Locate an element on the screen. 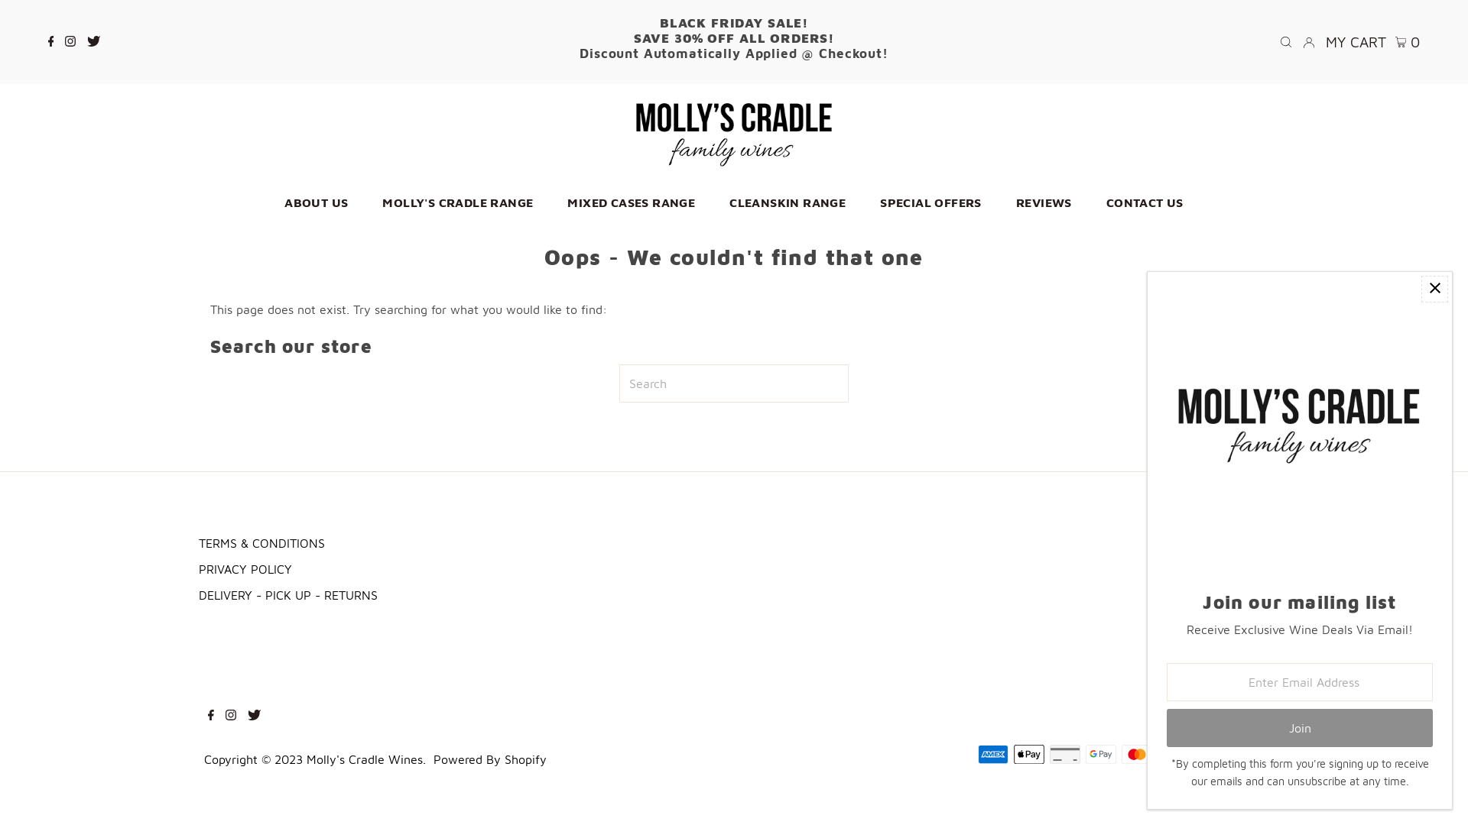 The height and width of the screenshot is (825, 1468). 'SPECIAL OFFERS' is located at coordinates (865, 202).